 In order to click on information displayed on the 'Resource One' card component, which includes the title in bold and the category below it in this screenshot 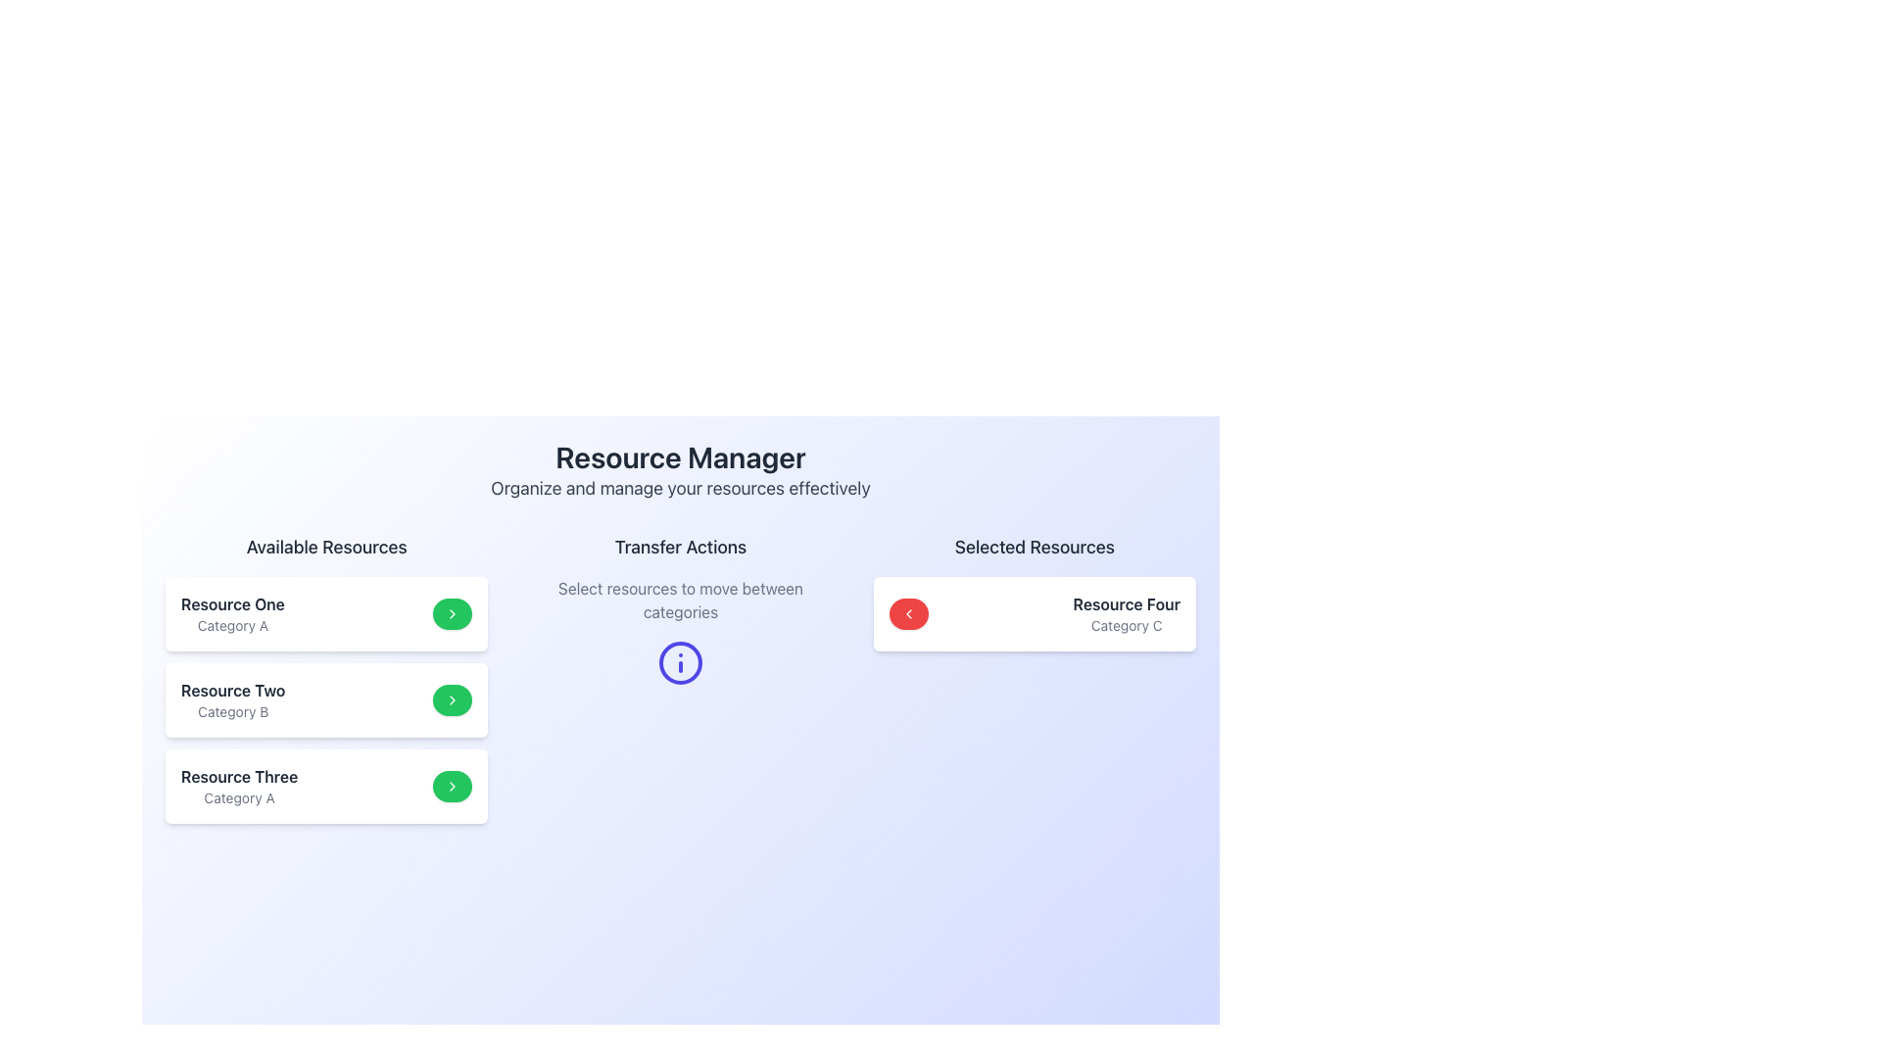, I will do `click(326, 613)`.